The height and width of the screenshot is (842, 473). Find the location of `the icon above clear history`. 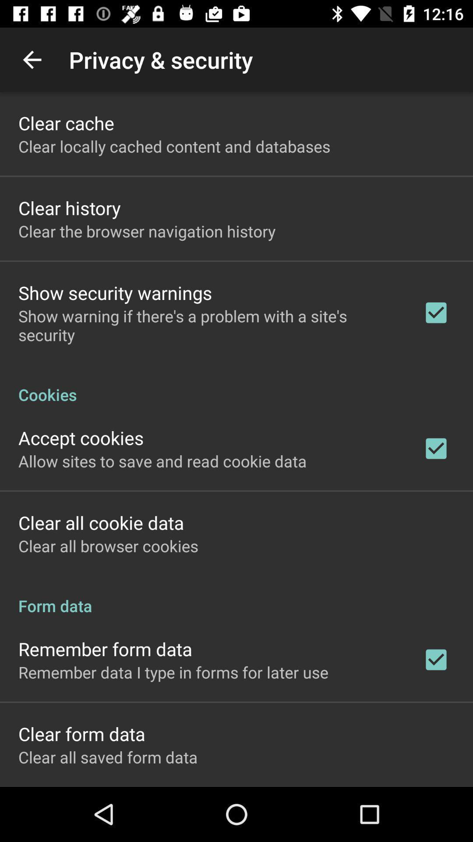

the icon above clear history is located at coordinates (174, 146).